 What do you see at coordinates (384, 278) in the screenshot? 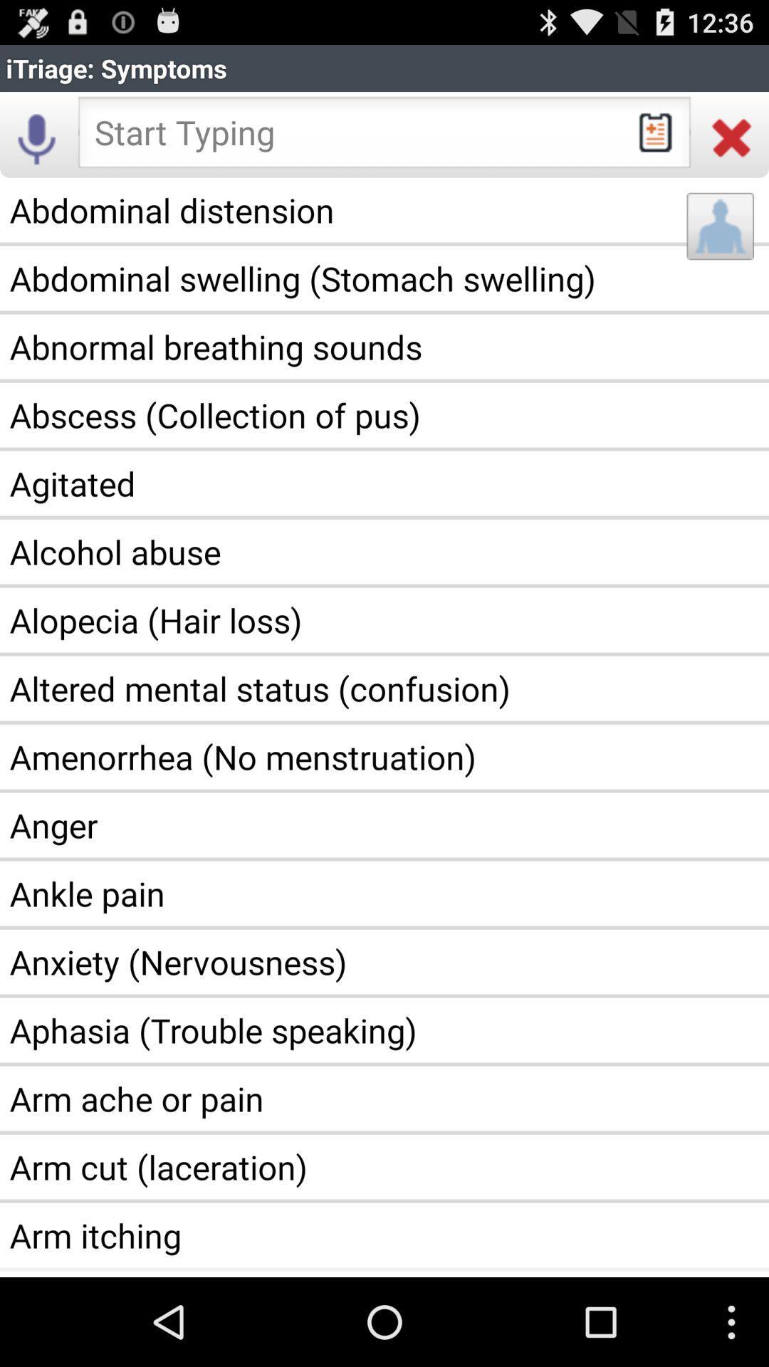
I see `the abdominal swelling stomach app` at bounding box center [384, 278].